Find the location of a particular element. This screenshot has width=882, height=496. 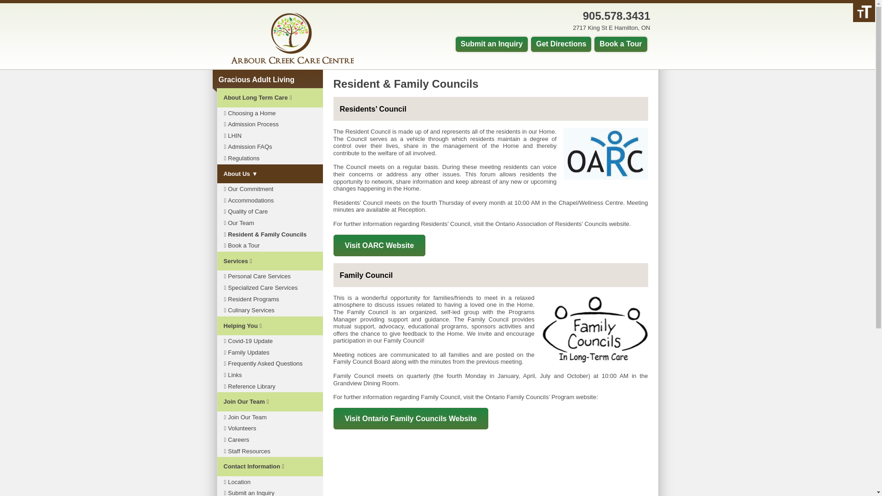

'Accessibility Helper sidebar' is located at coordinates (864, 11).